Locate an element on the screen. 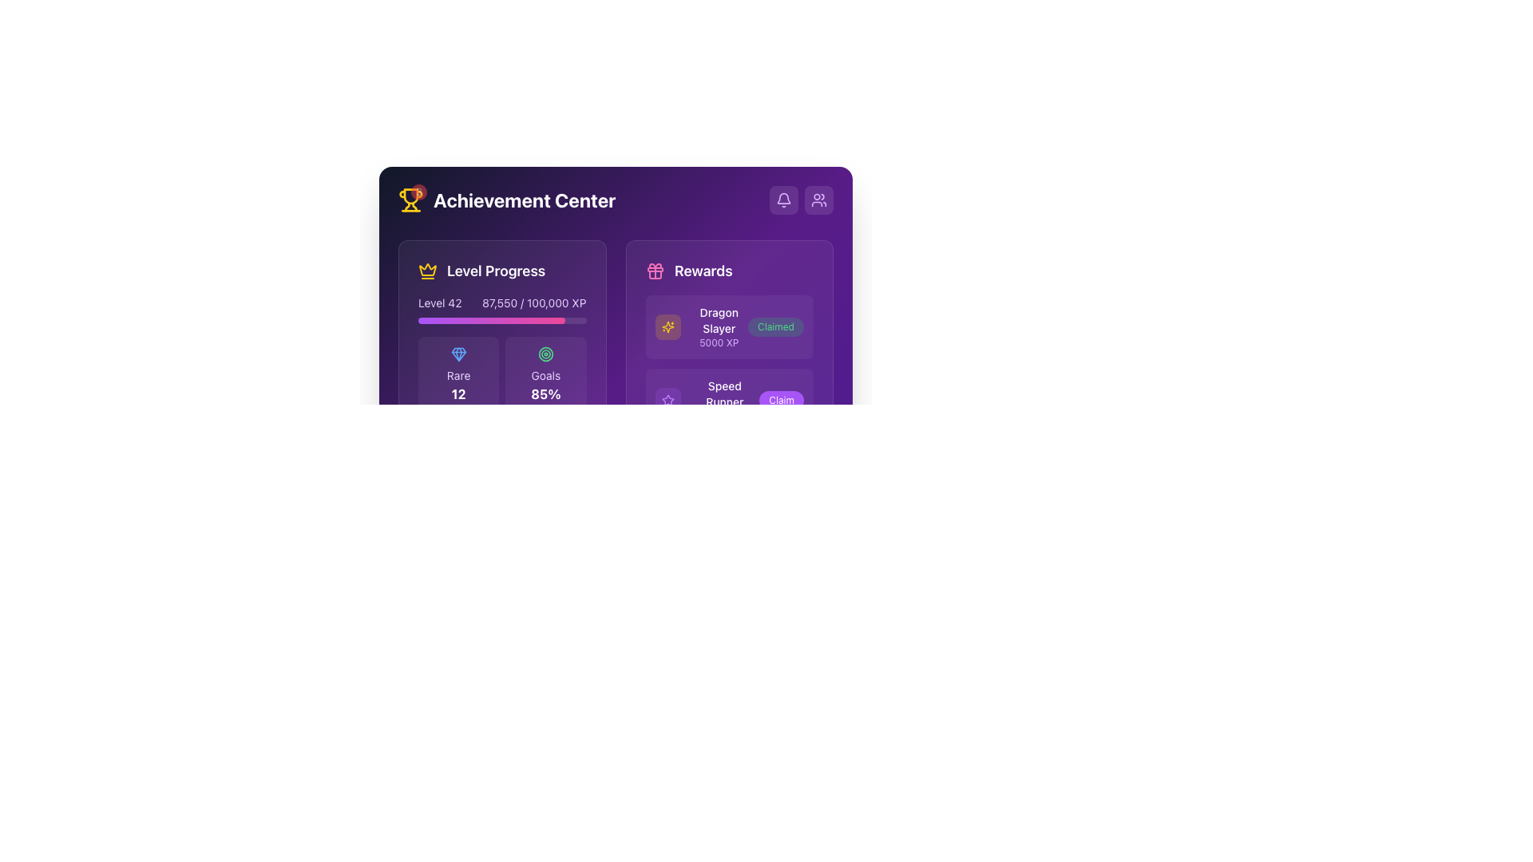  the bell icon SVG graphic with a purple hue positioned at the top right corner of the interface for any indicator changes is located at coordinates (784, 199).